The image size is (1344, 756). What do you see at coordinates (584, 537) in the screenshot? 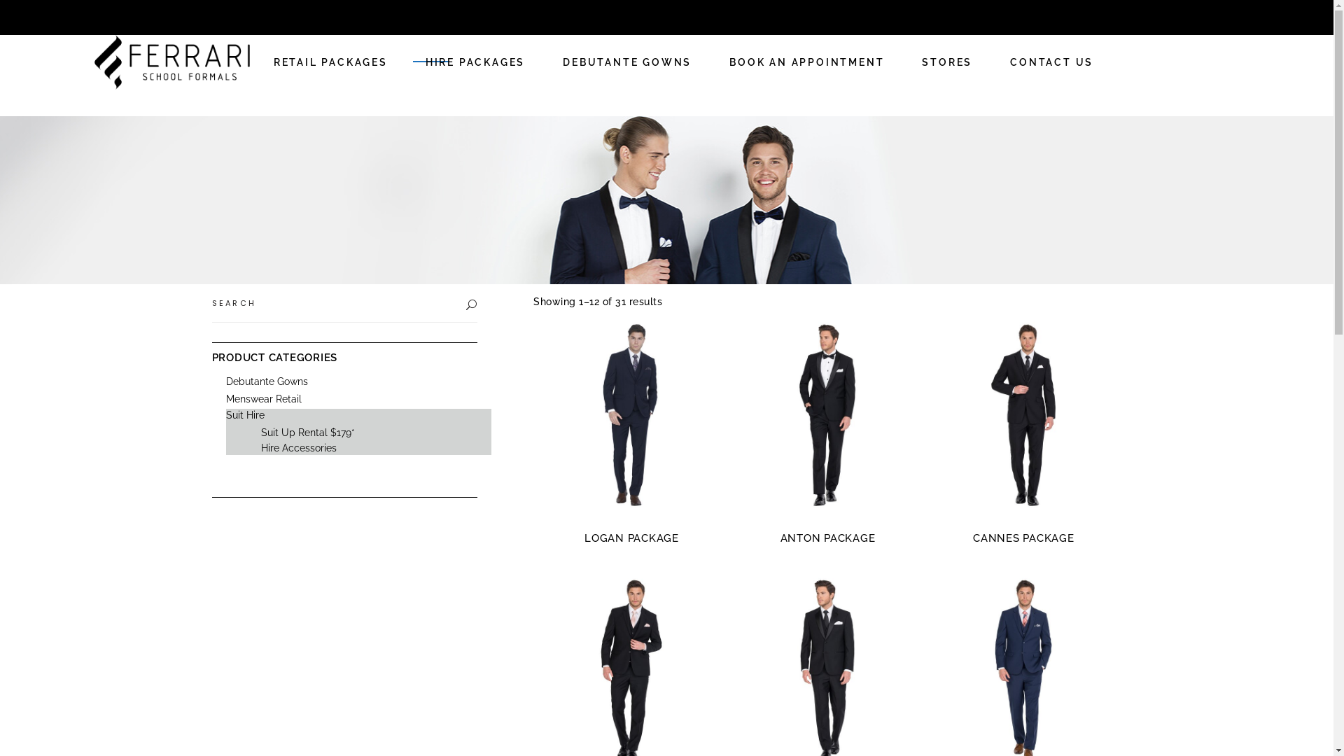
I see `'LOGAN PACKAGE'` at bounding box center [584, 537].